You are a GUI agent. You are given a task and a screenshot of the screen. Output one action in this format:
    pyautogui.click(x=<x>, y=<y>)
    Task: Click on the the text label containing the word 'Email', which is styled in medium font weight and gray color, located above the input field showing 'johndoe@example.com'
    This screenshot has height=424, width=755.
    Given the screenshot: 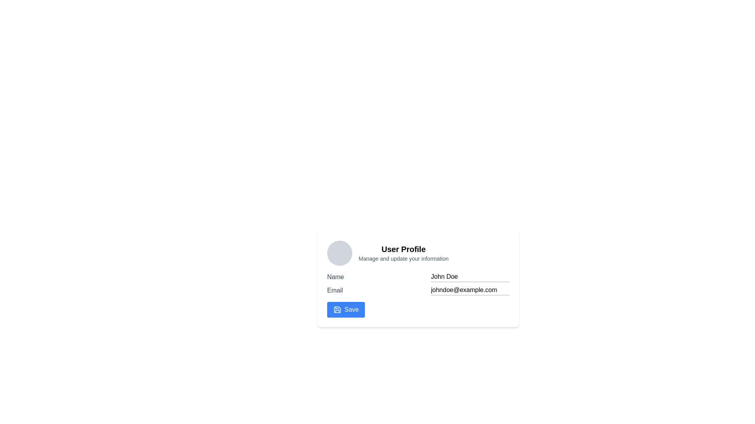 What is the action you would take?
    pyautogui.click(x=335, y=291)
    